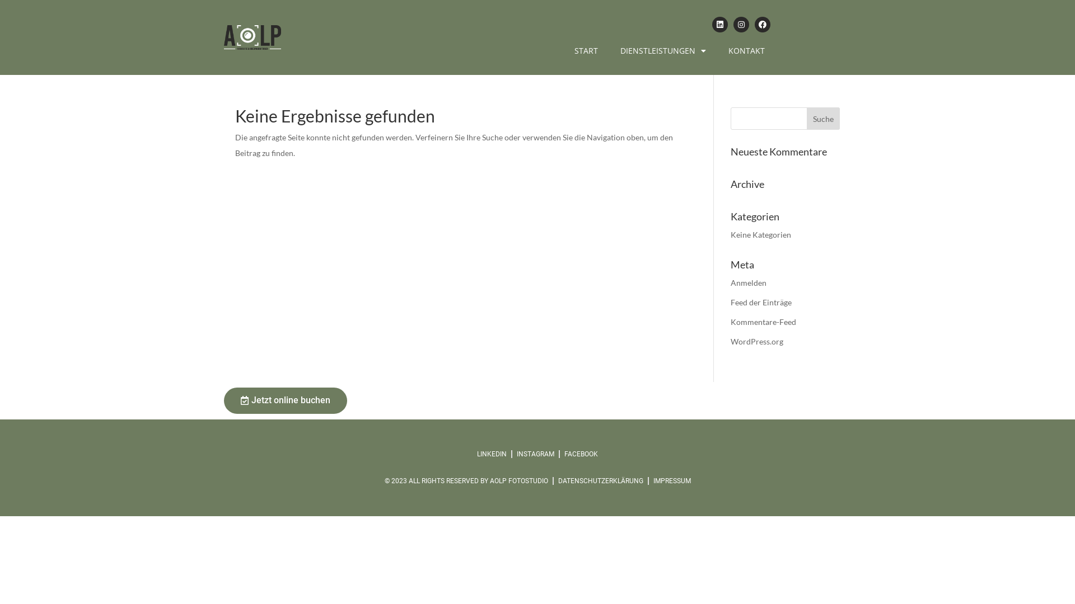  I want to click on 'KONTAKT', so click(746, 51).